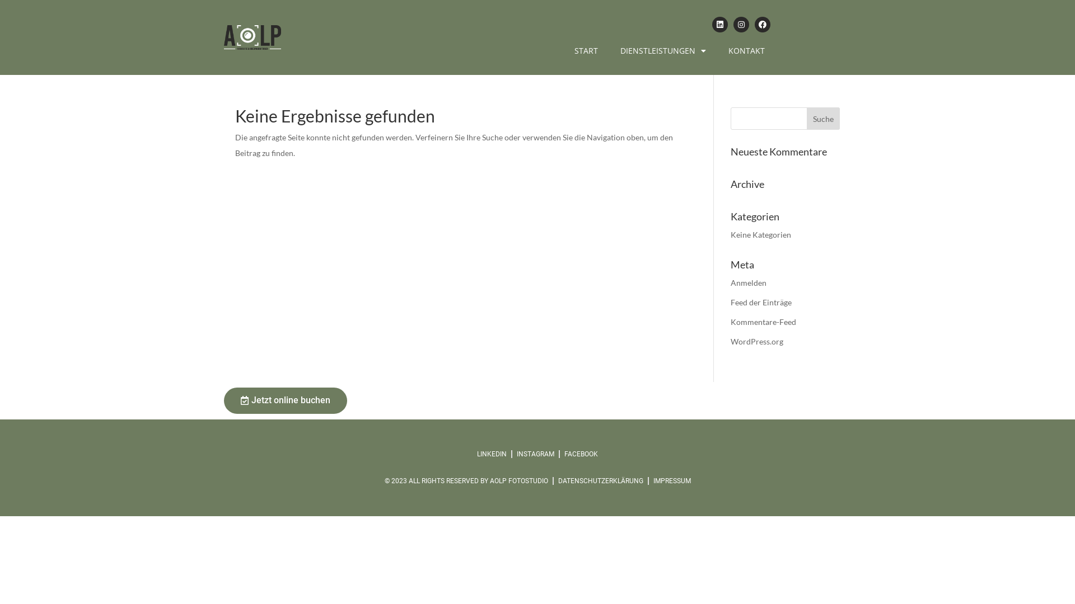  I want to click on 'KONTAKT', so click(746, 51).